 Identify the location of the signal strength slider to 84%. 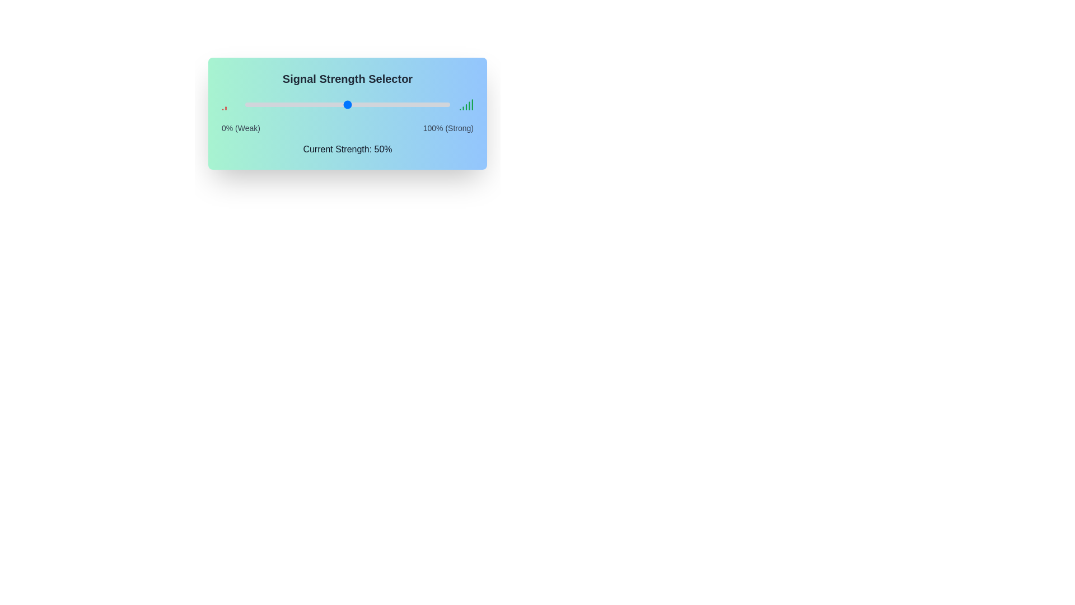
(416, 104).